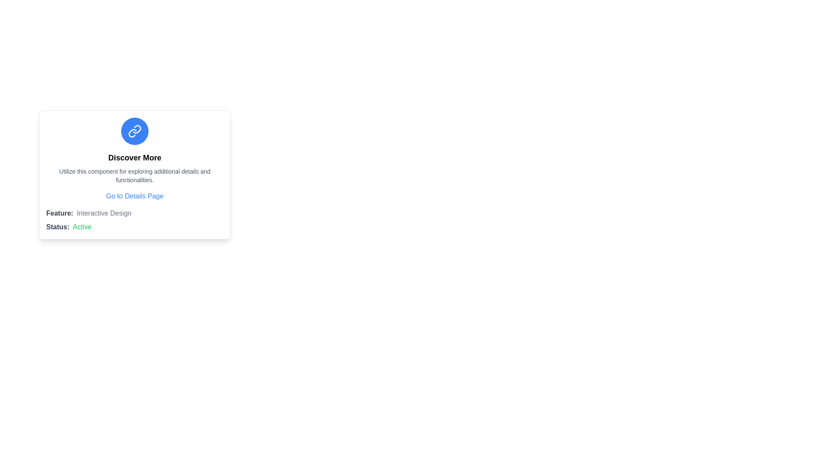 This screenshot has width=822, height=462. Describe the element at coordinates (134, 196) in the screenshot. I see `the hyperlink located at the center-bottom of the card interface` at that location.